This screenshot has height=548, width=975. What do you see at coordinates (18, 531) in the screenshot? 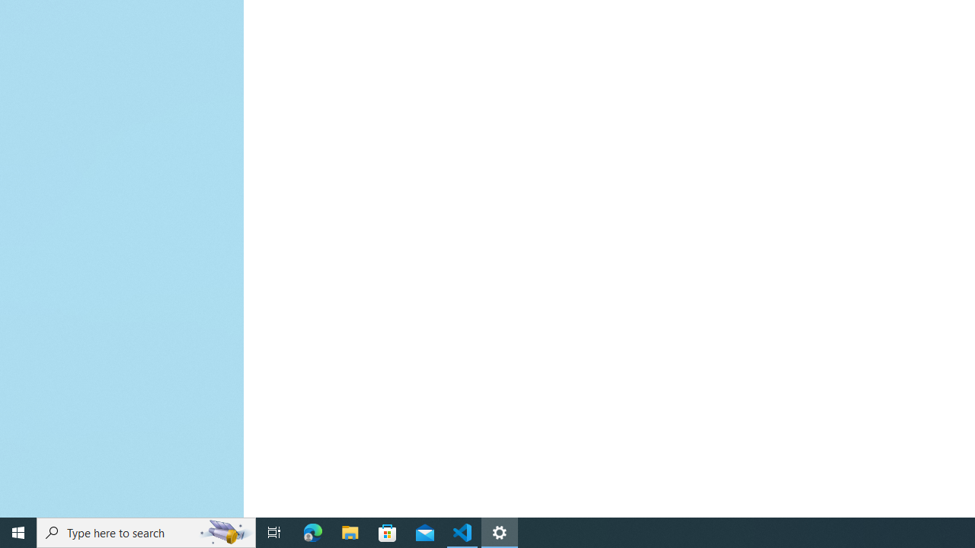
I see `'Start'` at bounding box center [18, 531].